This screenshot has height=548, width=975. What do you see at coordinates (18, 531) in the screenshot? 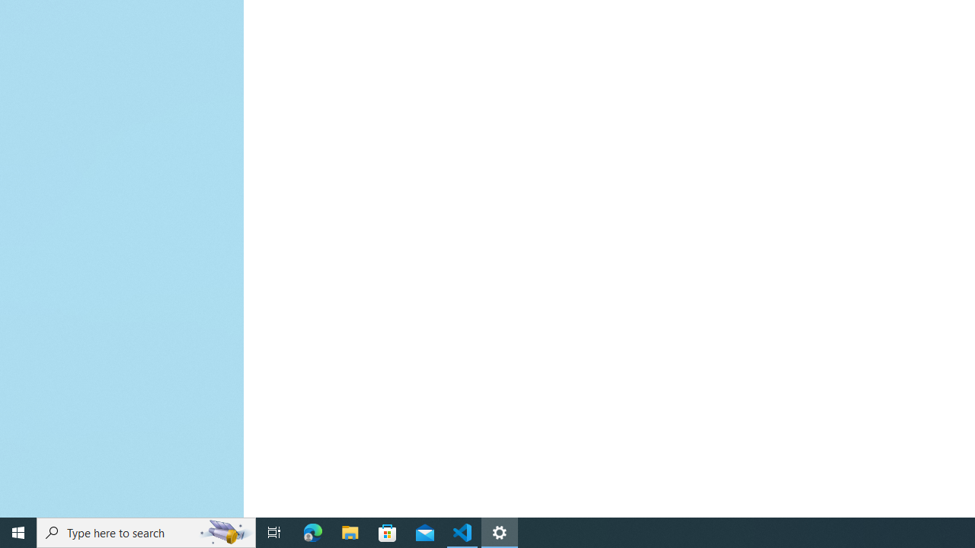
I see `'Start'` at bounding box center [18, 531].